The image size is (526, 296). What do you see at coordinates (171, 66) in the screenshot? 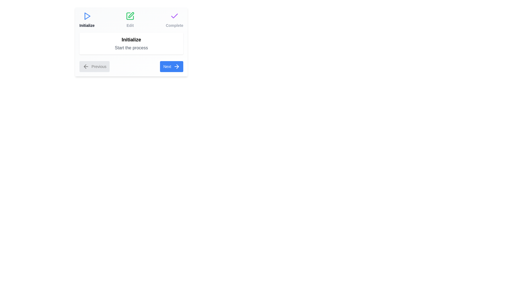
I see `the 'Next' button to navigate to the next step` at bounding box center [171, 66].